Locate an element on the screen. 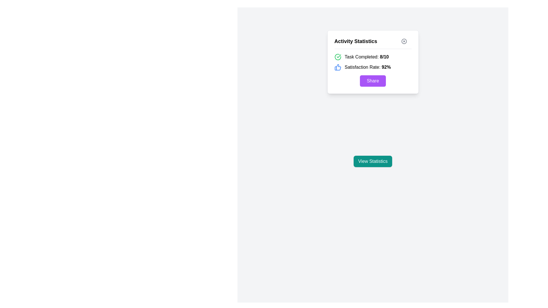  the text label that serves as a descriptive title for the card content, located at the left side of the header area of the white card is located at coordinates (355, 41).